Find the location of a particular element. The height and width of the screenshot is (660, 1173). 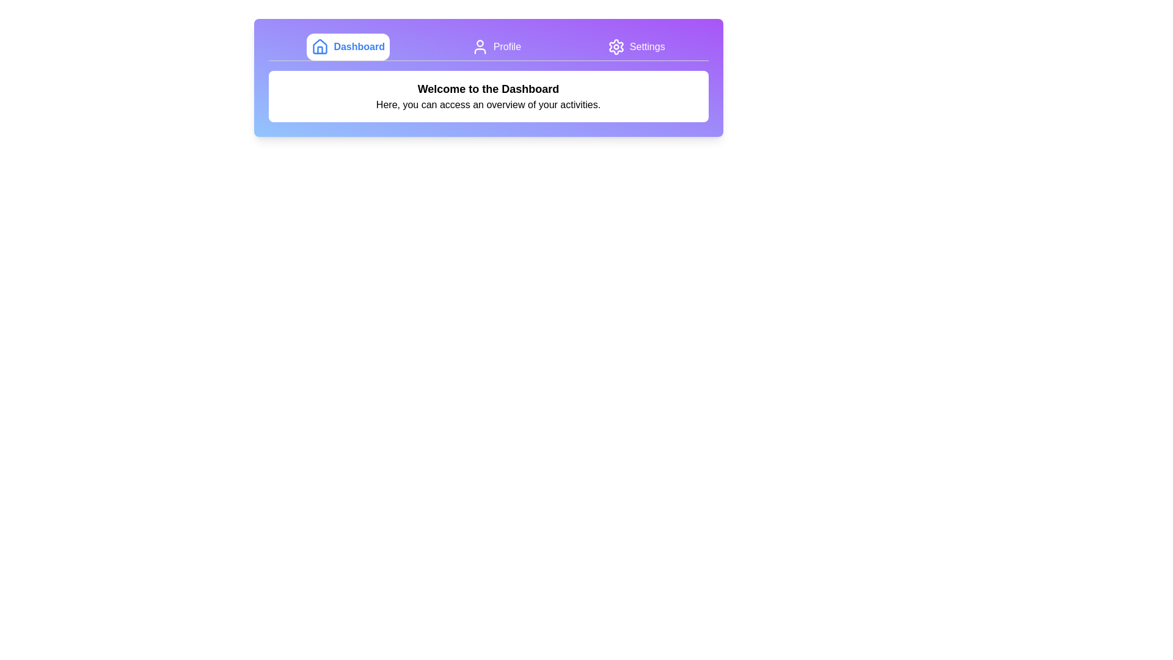

the tab labeled Settings is located at coordinates (635, 46).